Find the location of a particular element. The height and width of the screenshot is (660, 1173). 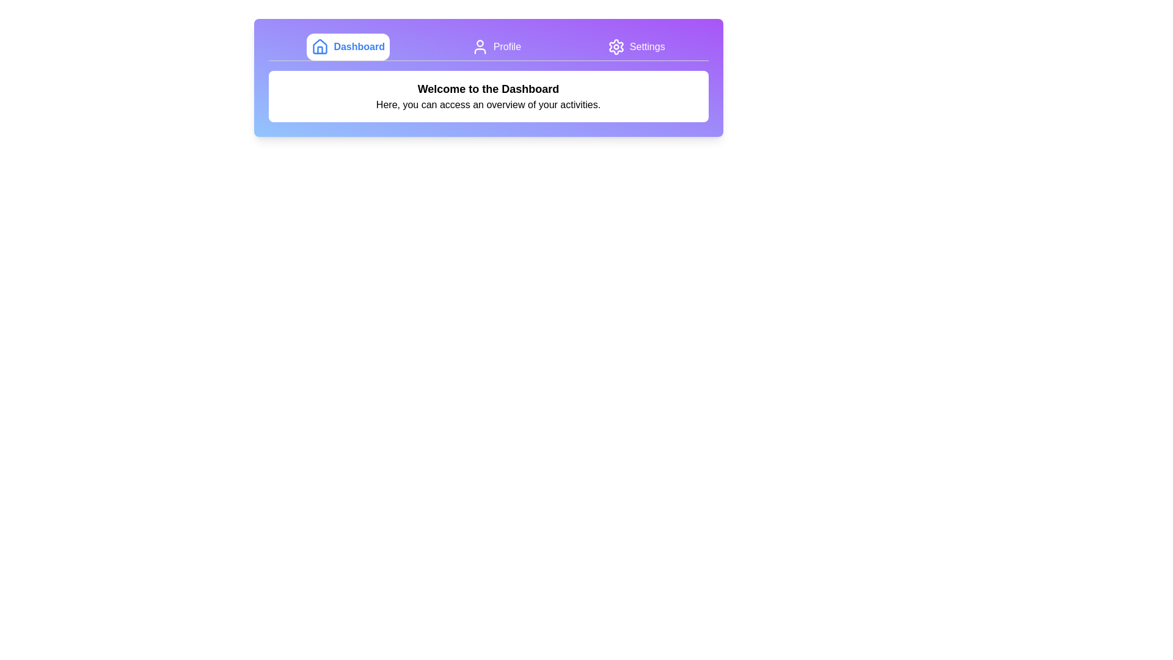

the tab labeled Settings is located at coordinates (635, 46).